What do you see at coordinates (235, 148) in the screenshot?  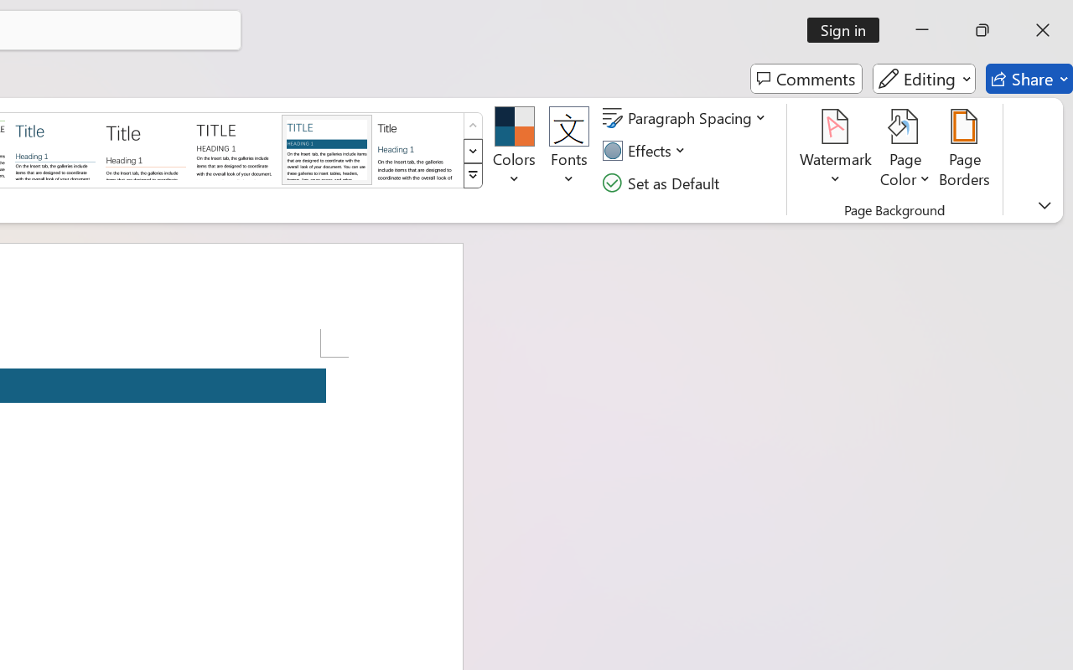 I see `'Minimalist'` at bounding box center [235, 148].